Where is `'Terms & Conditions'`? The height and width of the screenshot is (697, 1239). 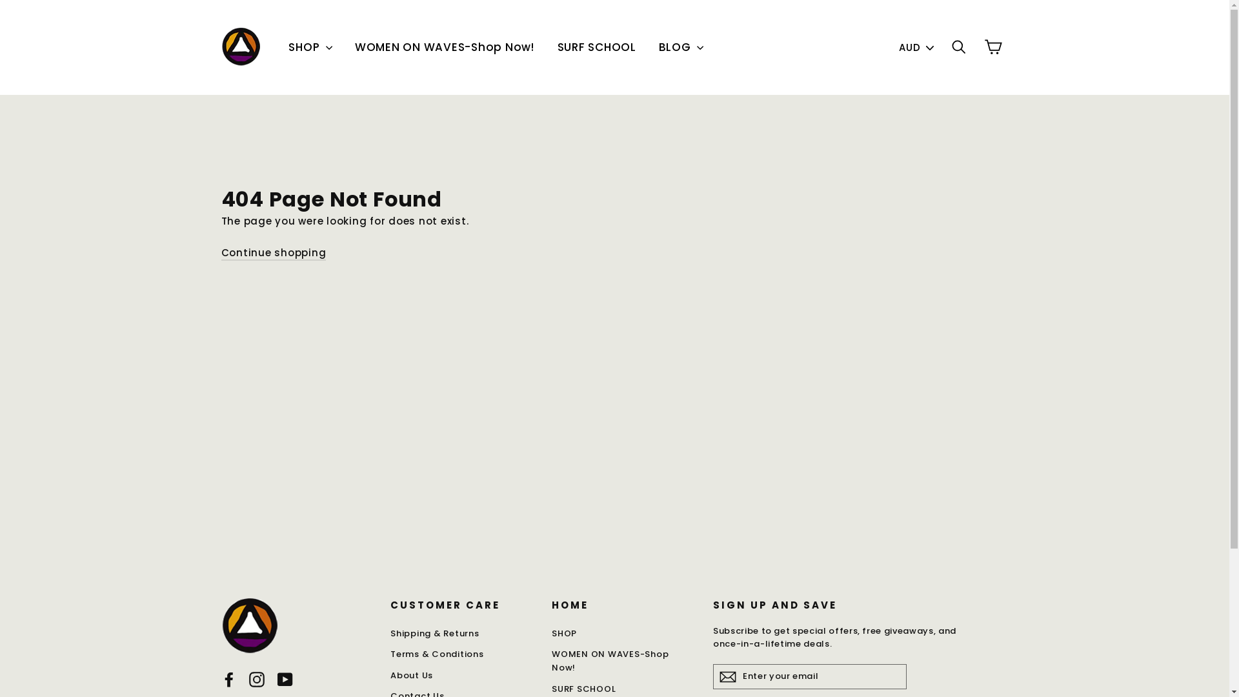 'Terms & Conditions' is located at coordinates (461, 654).